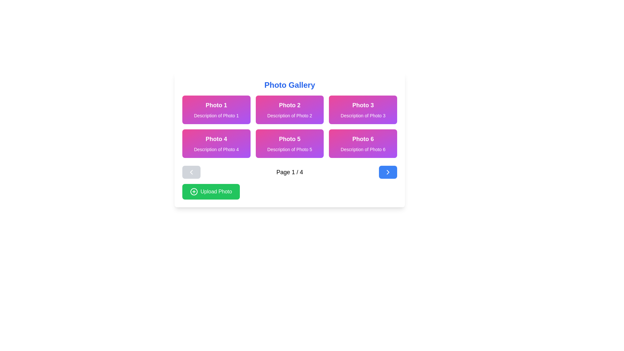 Image resolution: width=624 pixels, height=351 pixels. Describe the element at coordinates (211, 191) in the screenshot. I see `the green rectangular button labeled 'Upload Photo' located at the bottom-left corner of the 'Photo Gallery' section` at that location.